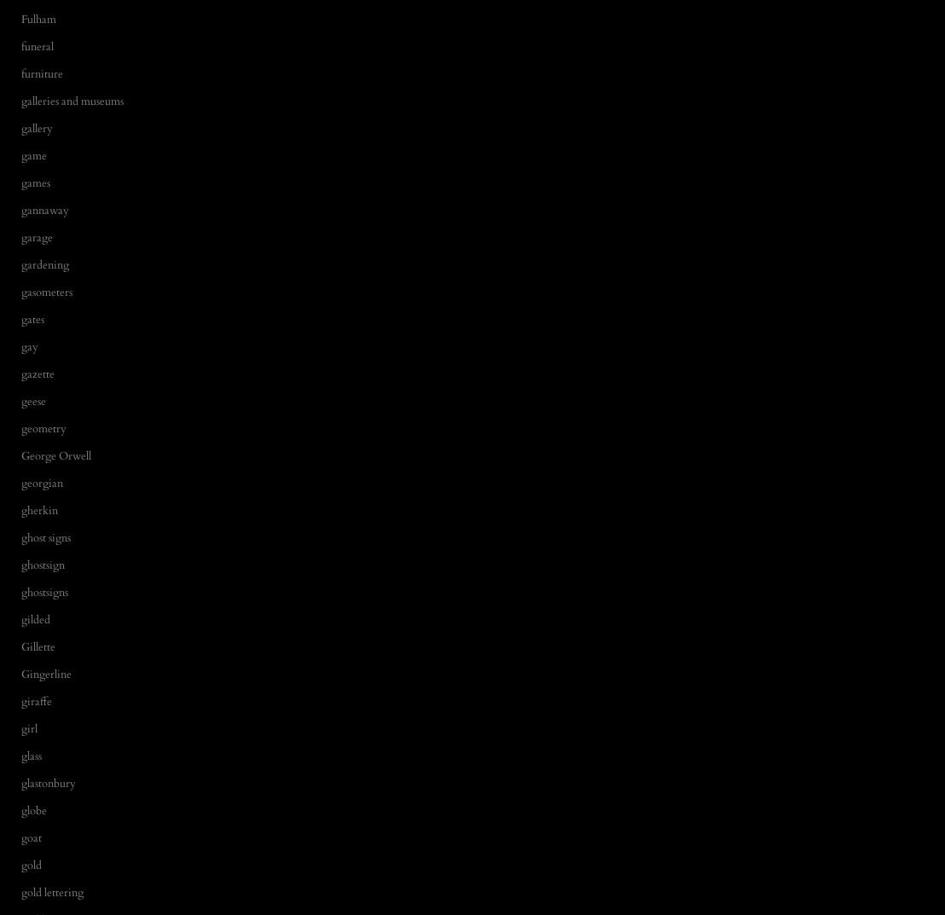 Image resolution: width=945 pixels, height=915 pixels. I want to click on 'ghostsigns', so click(43, 592).